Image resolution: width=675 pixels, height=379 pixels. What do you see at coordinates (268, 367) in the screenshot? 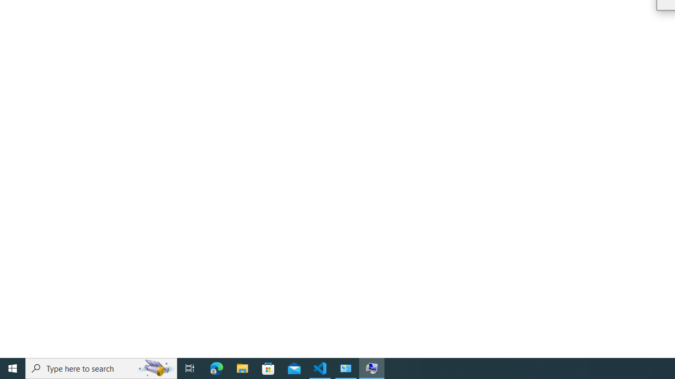
I see `'Microsoft Store'` at bounding box center [268, 367].